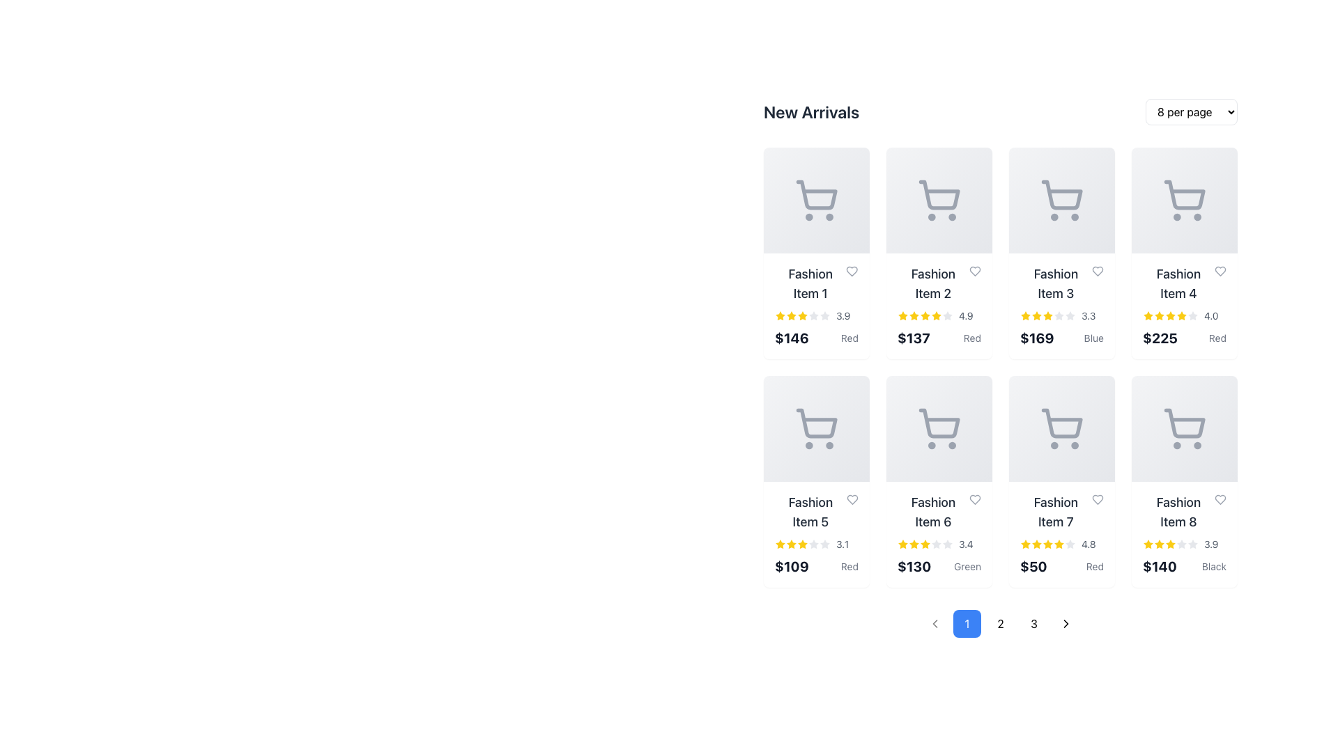 The width and height of the screenshot is (1338, 752). I want to click on the third star icon in the rating section of 'Fashion Item 4', which is located in the fourth card of the top row, indicating the product rating visually as a fraction of five stars, so click(1160, 316).